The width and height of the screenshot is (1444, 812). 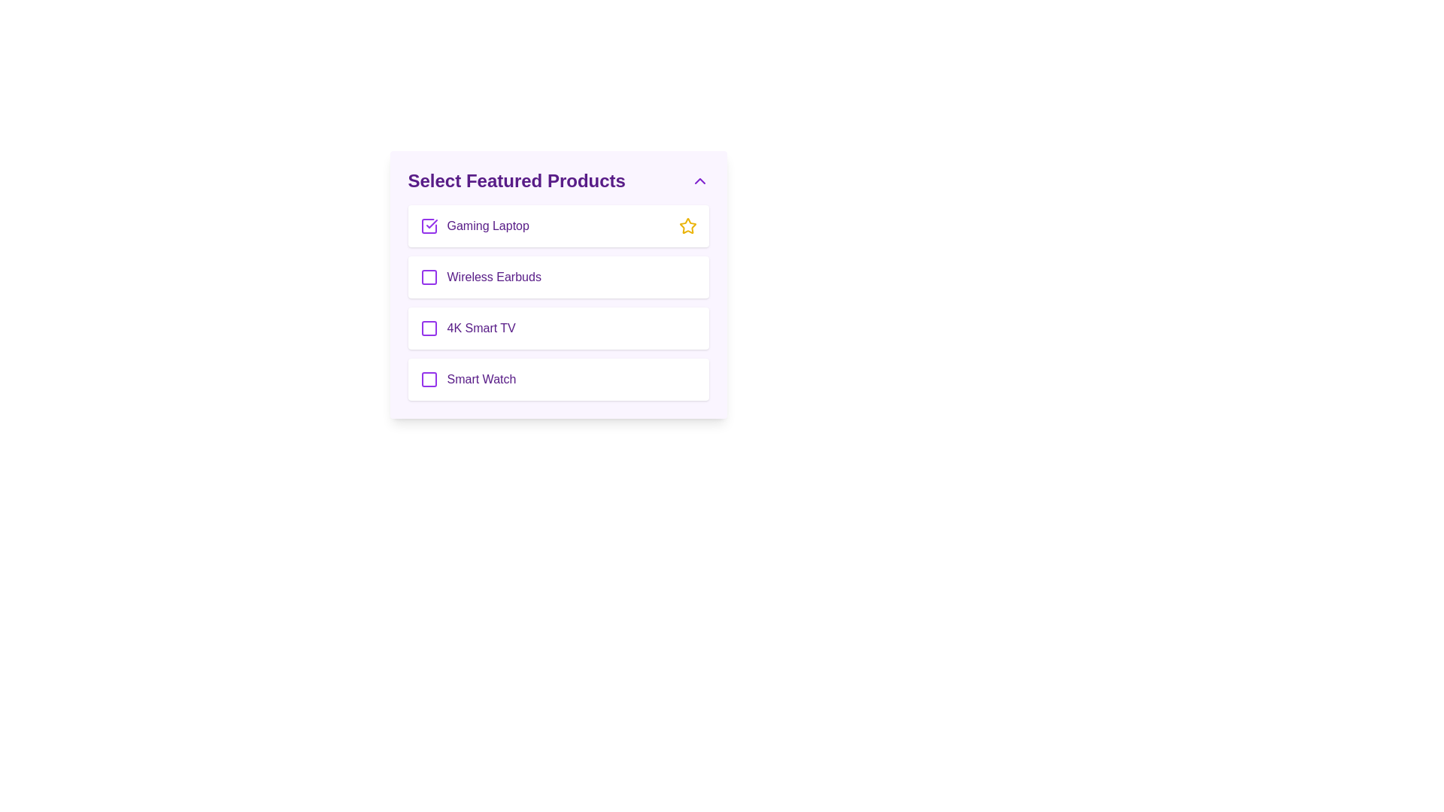 I want to click on the checkmark icon located near the top-right corner of the 'Gaming Laptop' card in the list of 'Select Featured Products', so click(x=431, y=223).